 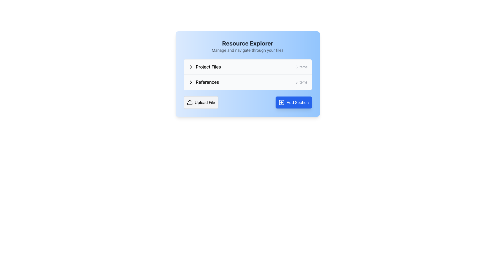 I want to click on the chevron icon located to the left of 'Project Files', so click(x=190, y=66).